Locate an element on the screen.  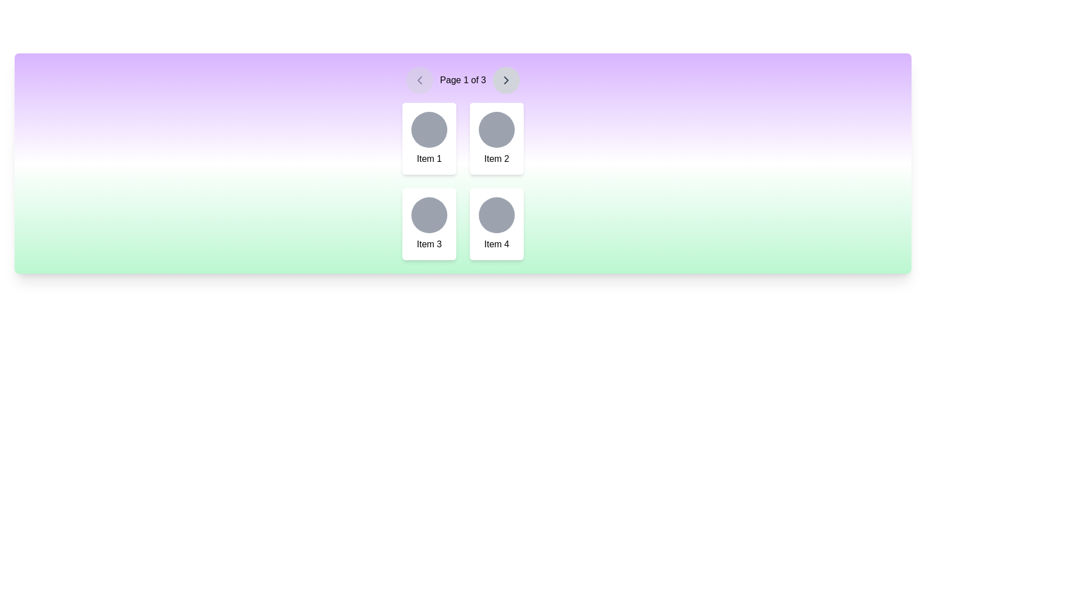
the pagination icon located at the top-right region of the page navigation section, next to the text 'Page 1 of 3', to observe any hover effects is located at coordinates (505, 79).